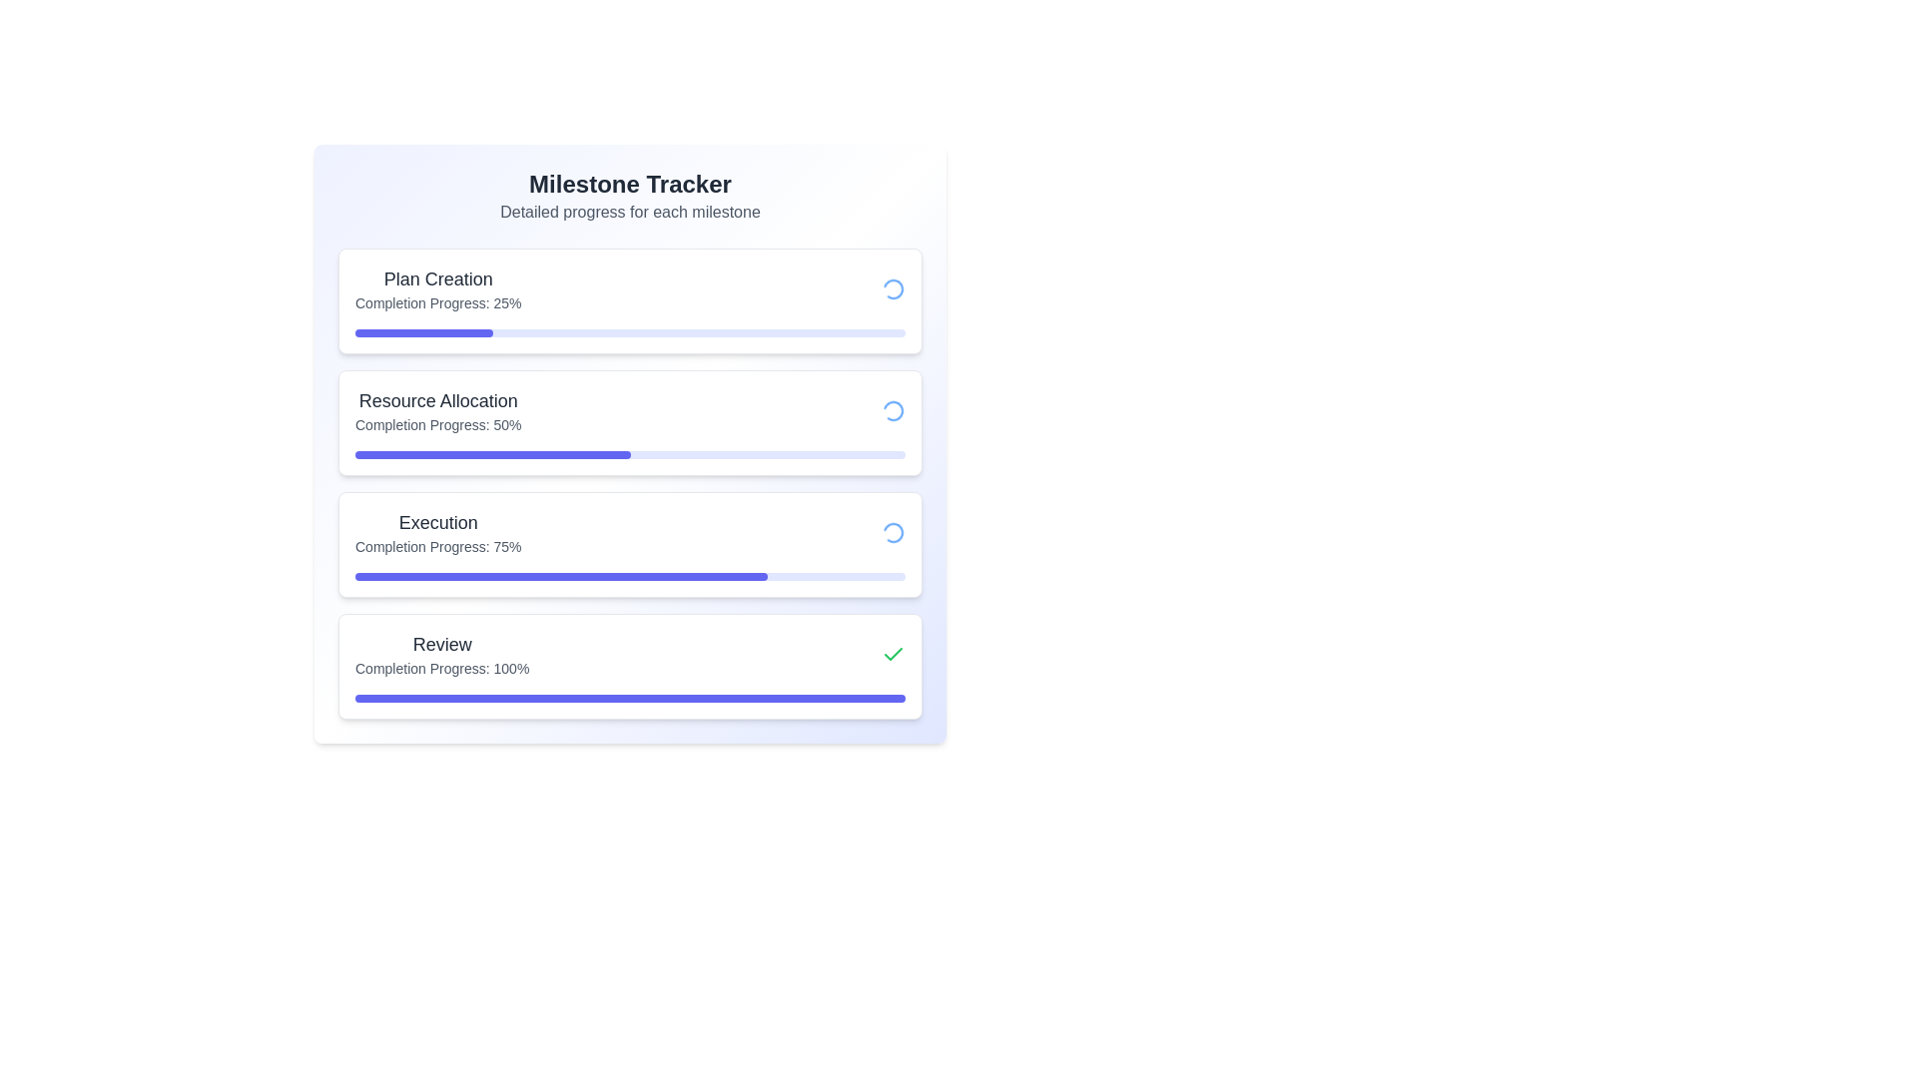  I want to click on the second Informational Card that displays progress information for the 'Resource Allocation' milestone, located in the middle of the interface, so click(629, 422).